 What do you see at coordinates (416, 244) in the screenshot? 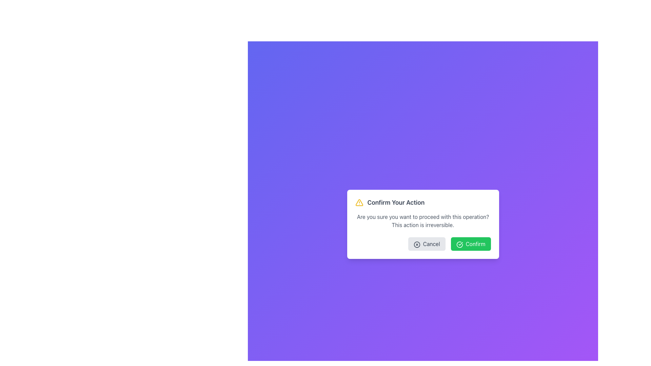
I see `the graphical icon representing cancellation, located inside the 'Cancel' button, aligned to its left side` at bounding box center [416, 244].